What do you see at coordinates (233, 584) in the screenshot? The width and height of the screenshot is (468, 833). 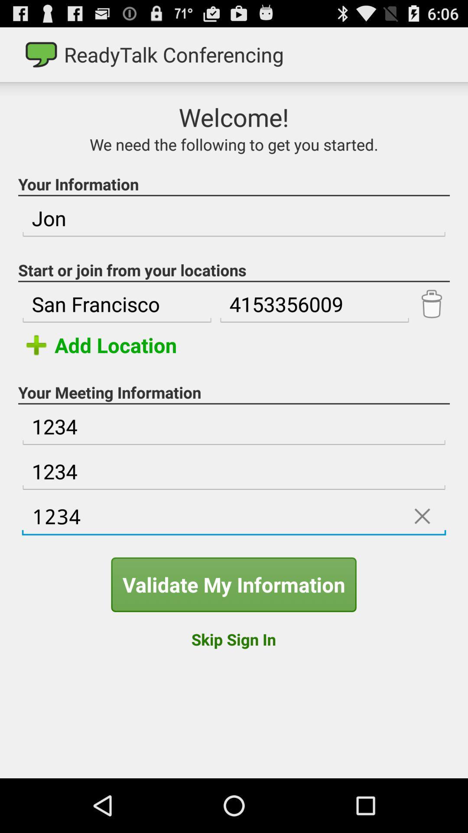 I see `validate my information item` at bounding box center [233, 584].